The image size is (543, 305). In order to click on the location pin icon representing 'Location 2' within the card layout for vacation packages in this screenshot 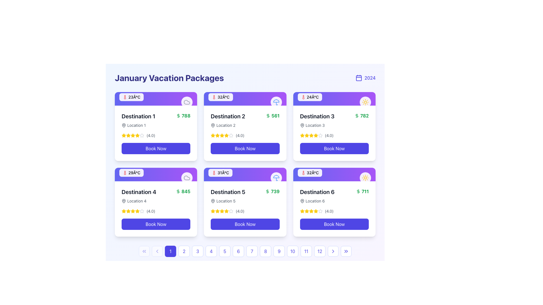, I will do `click(213, 125)`.